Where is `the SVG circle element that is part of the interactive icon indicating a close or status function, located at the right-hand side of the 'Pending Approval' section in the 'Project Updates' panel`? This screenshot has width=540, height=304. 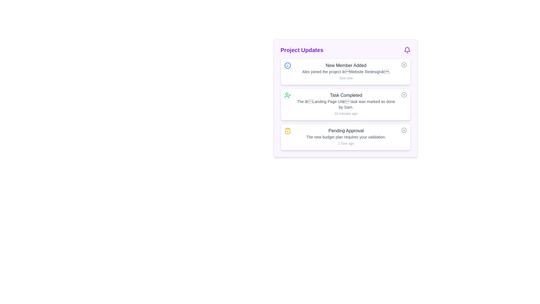
the SVG circle element that is part of the interactive icon indicating a close or status function, located at the right-hand side of the 'Pending Approval' section in the 'Project Updates' panel is located at coordinates (404, 130).